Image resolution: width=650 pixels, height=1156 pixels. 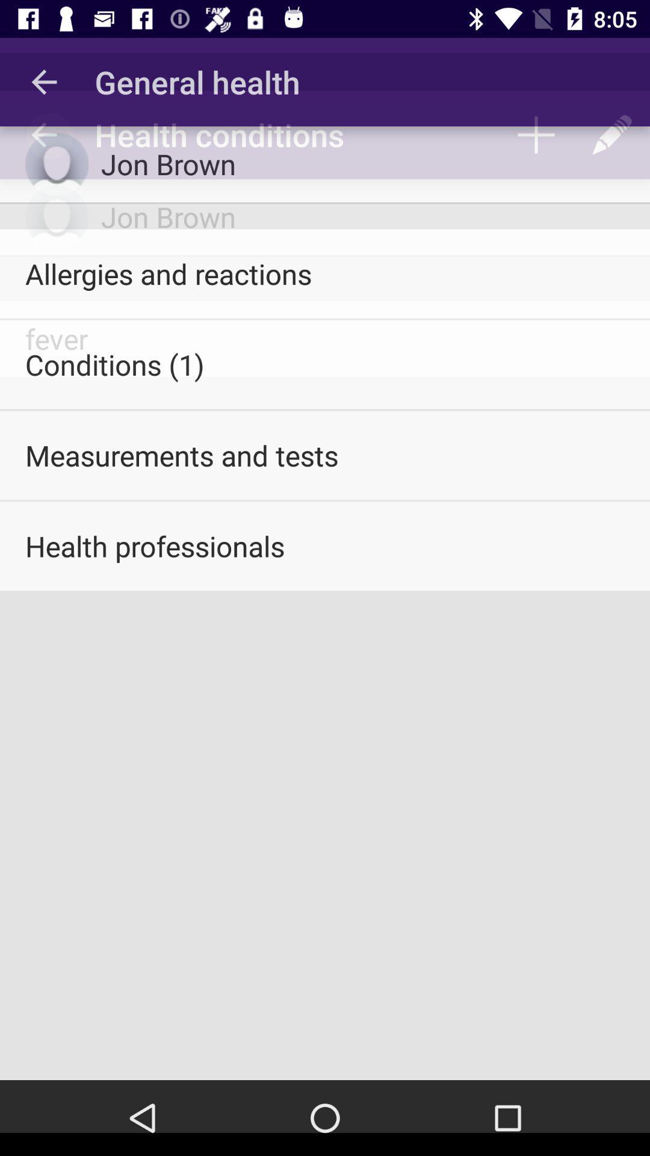 What do you see at coordinates (325, 273) in the screenshot?
I see `the allergies and reactions  icon` at bounding box center [325, 273].